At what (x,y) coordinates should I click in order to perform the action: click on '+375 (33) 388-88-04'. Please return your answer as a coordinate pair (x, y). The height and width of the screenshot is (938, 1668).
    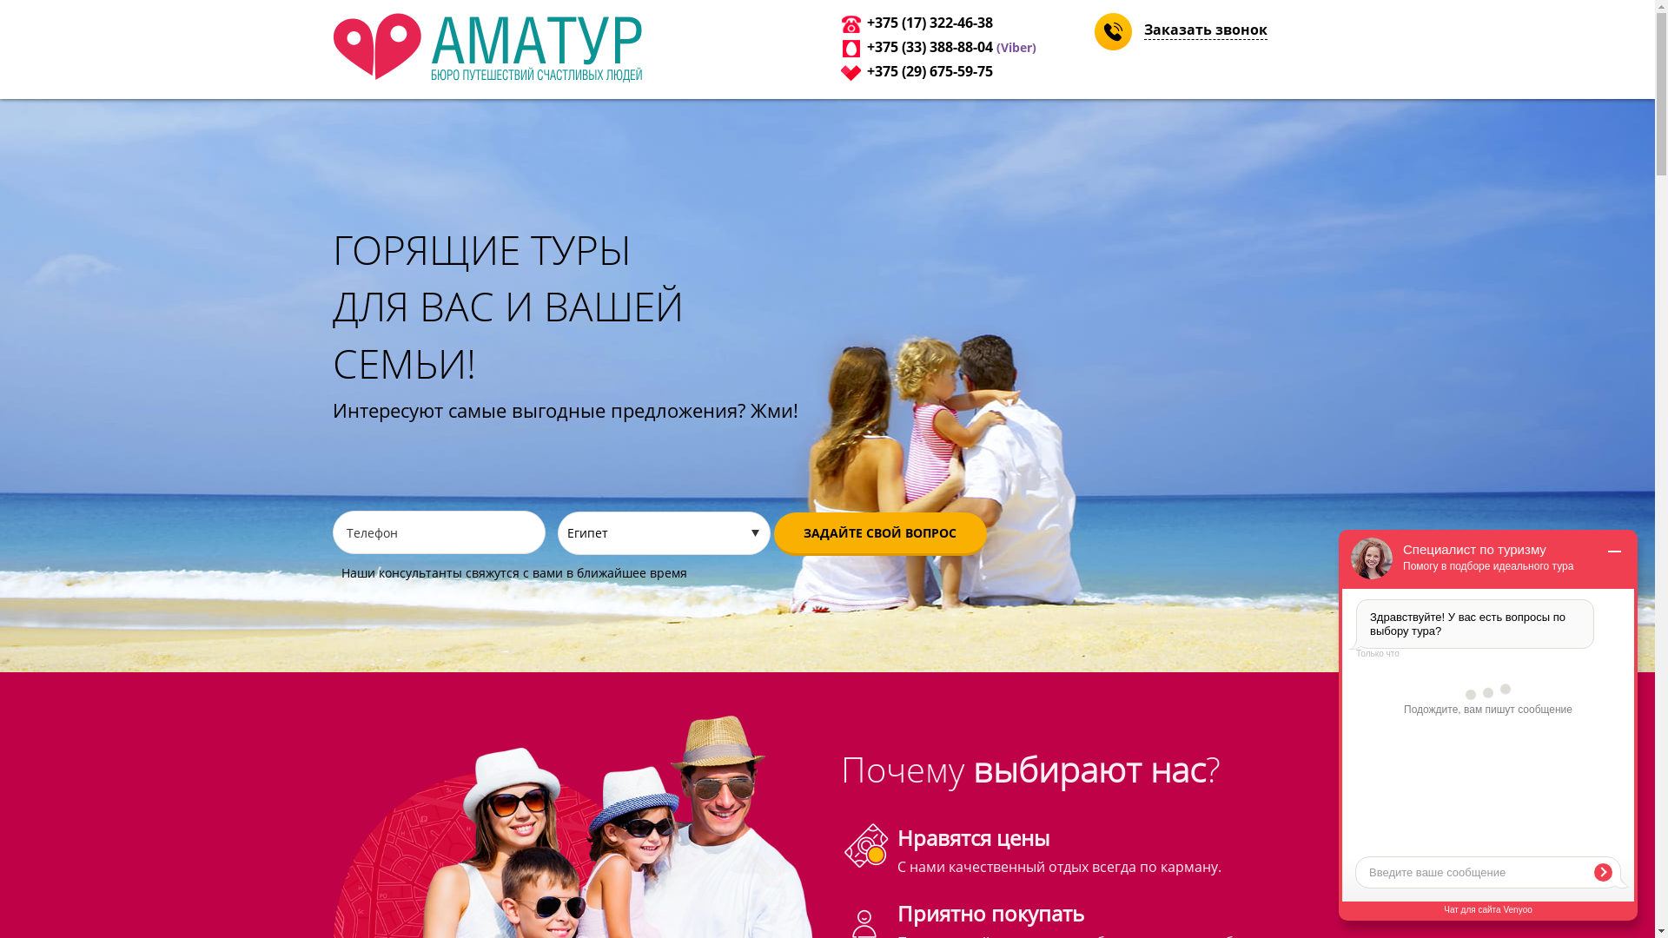
    Looking at the image, I should click on (929, 46).